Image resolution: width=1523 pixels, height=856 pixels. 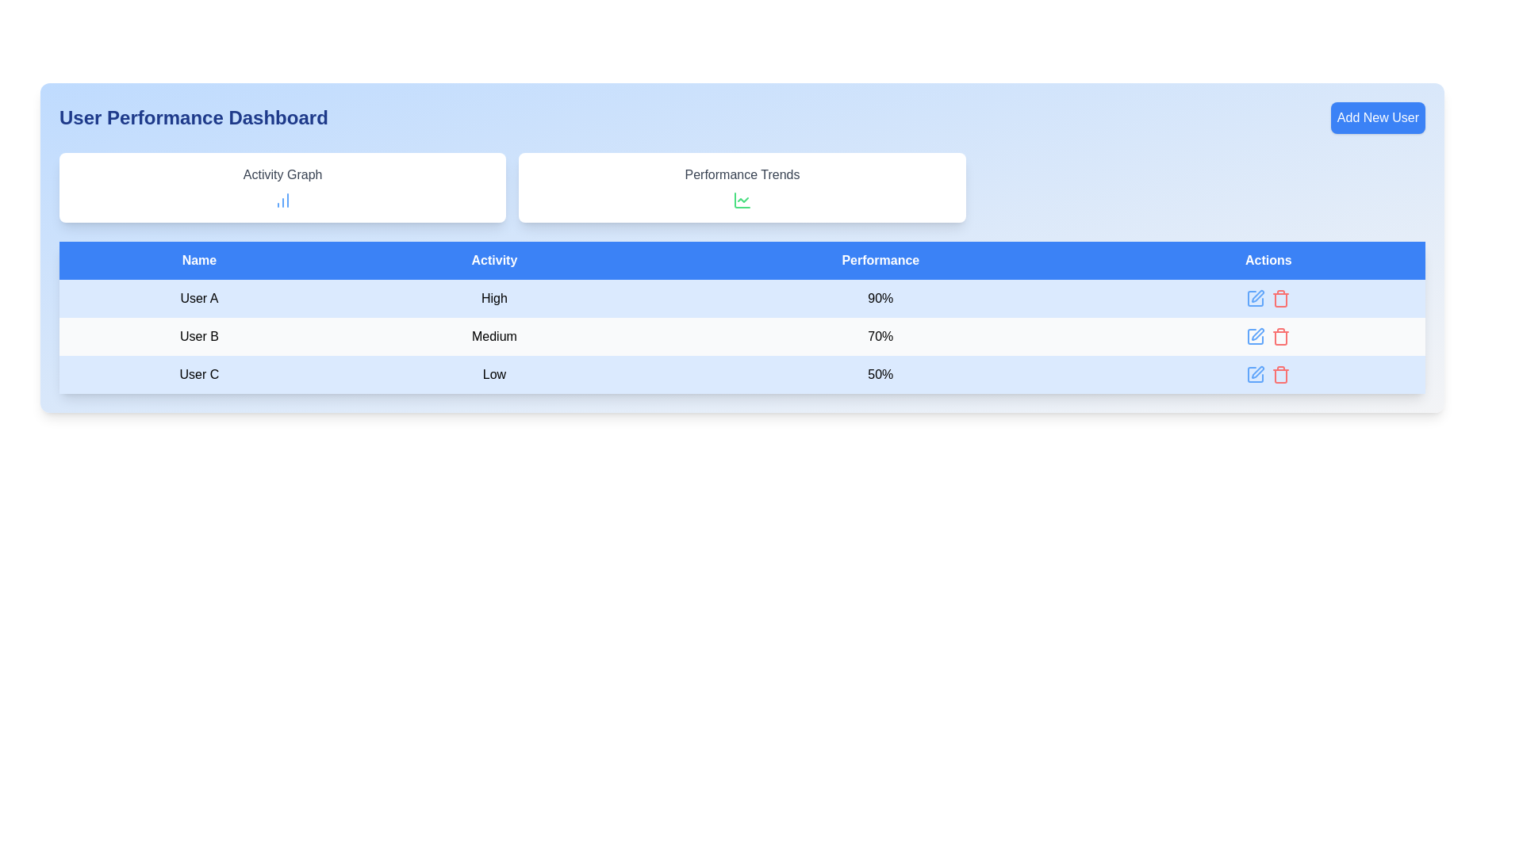 I want to click on the static text label displaying 'User C' located in the first column of the last row under the 'Name' column in the table, so click(x=198, y=375).